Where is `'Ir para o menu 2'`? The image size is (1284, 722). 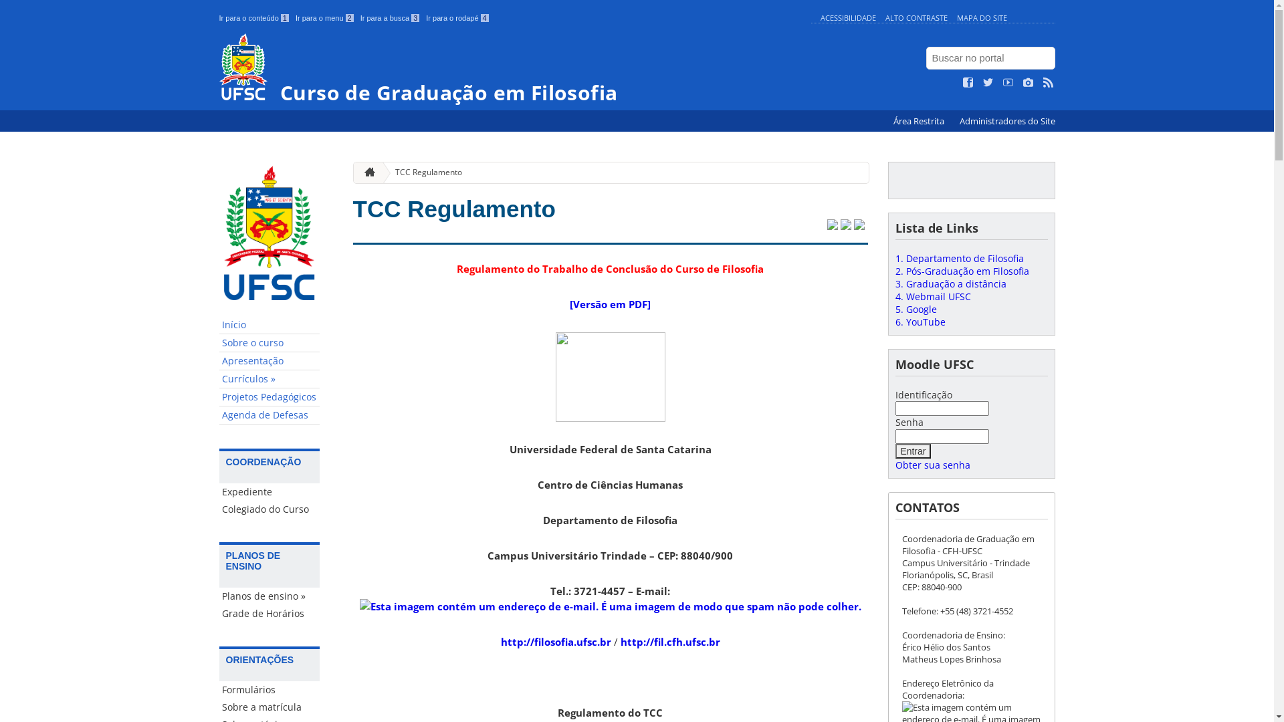 'Ir para o menu 2' is located at coordinates (324, 18).